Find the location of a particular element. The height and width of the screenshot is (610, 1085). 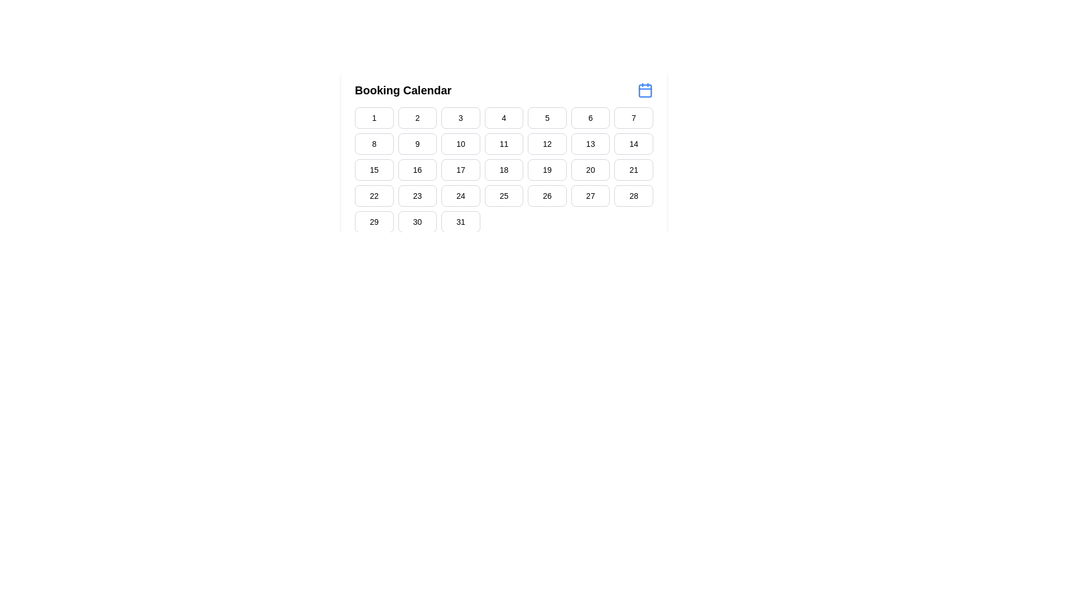

the button displaying the number '12', which is a rectangular button with rounded corners, from its current position is located at coordinates (547, 143).